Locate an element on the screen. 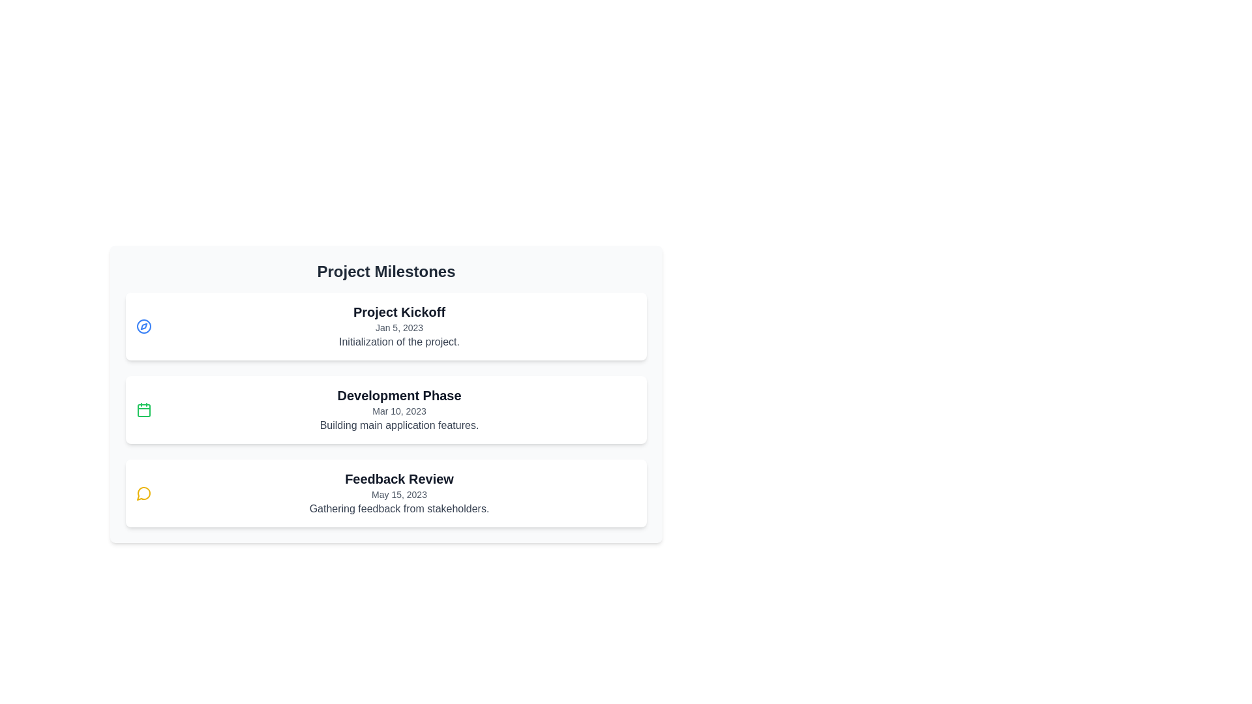 This screenshot has height=704, width=1252. the third Information display card in the 'Project Milestones' section, which has a light gray background and rounded corners is located at coordinates (385, 394).